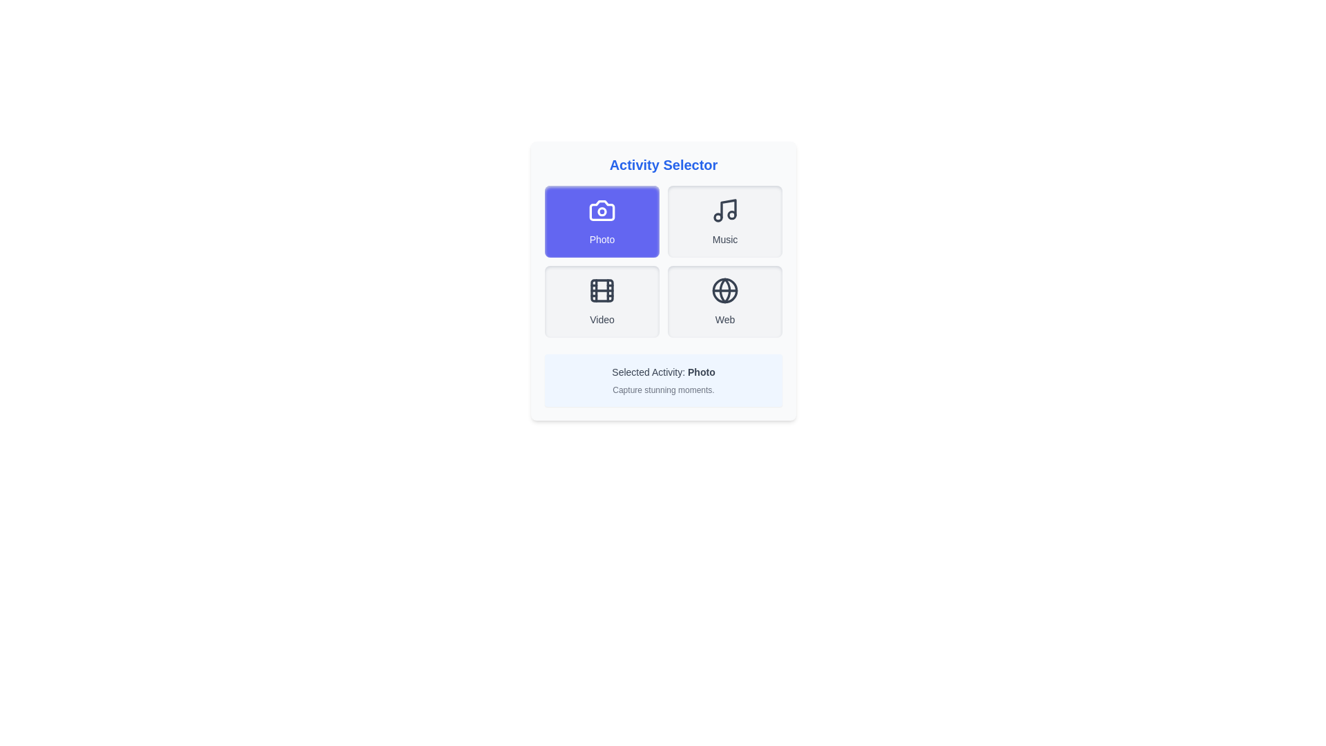  I want to click on the 'Video' label, which is part of the selectable quadrant in the lower-left of the activity options menu and displays the text in gray color beneath a film icon, so click(602, 319).